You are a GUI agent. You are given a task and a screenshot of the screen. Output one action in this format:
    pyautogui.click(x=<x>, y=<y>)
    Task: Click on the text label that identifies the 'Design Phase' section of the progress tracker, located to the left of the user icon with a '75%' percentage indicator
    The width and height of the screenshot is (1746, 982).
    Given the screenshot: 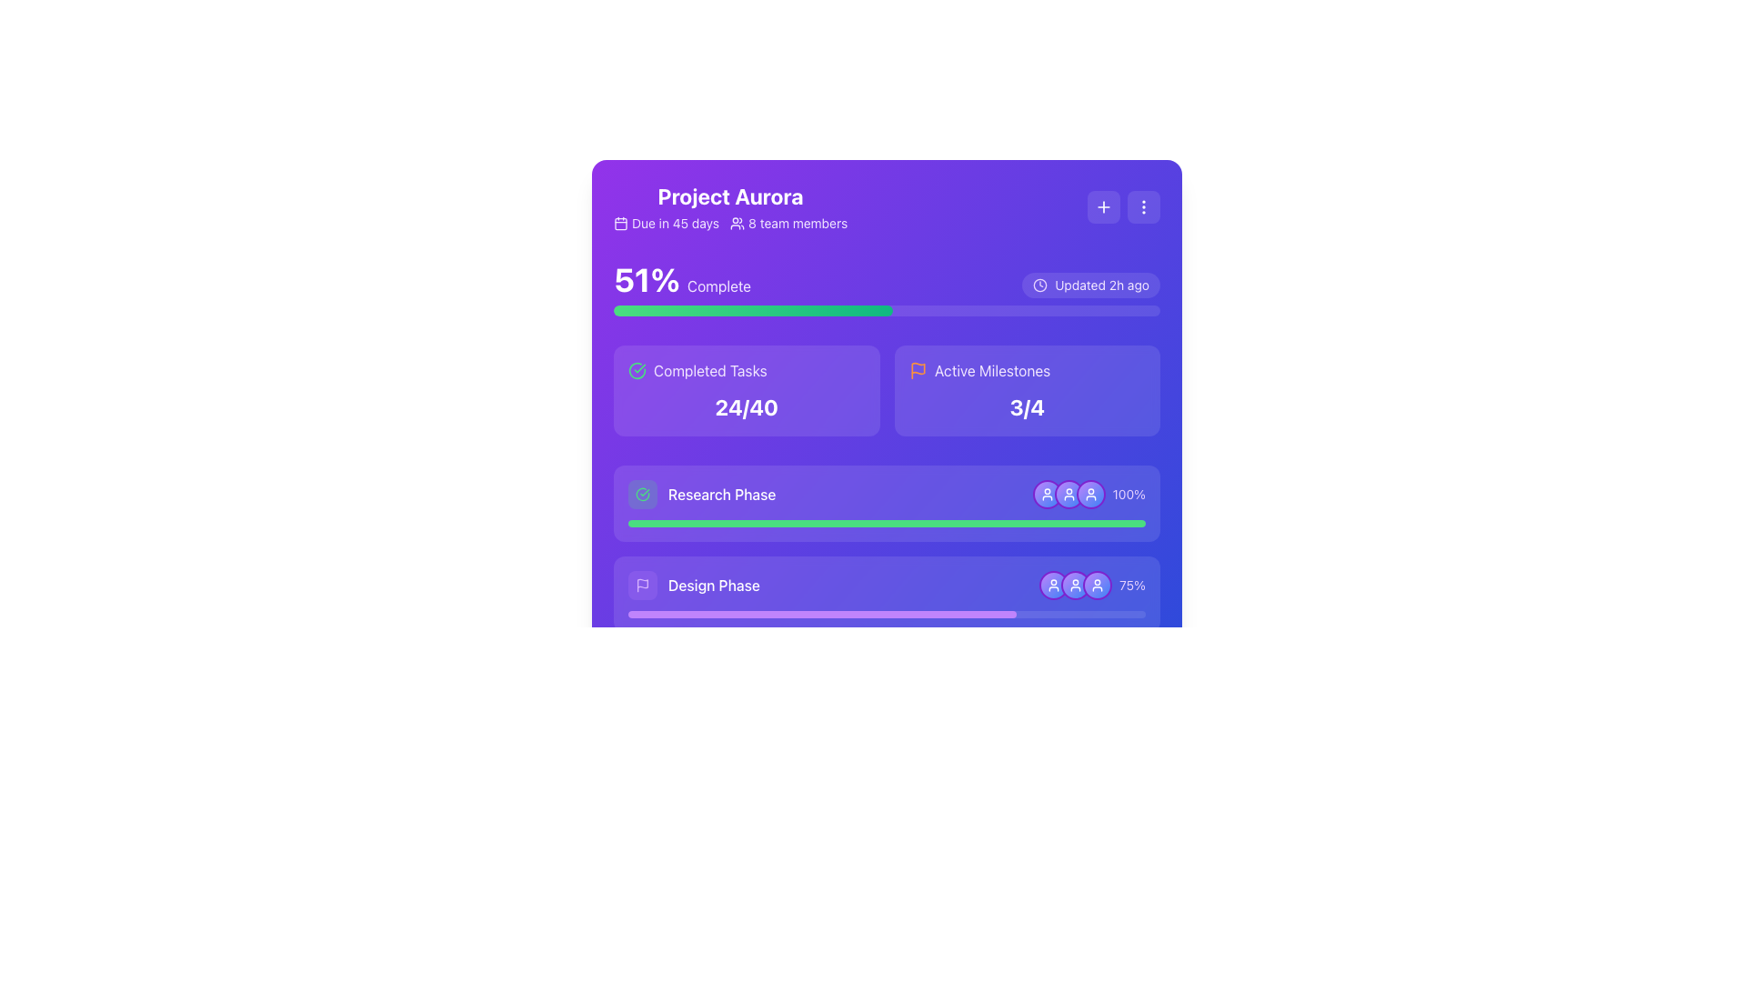 What is the action you would take?
    pyautogui.click(x=693, y=586)
    